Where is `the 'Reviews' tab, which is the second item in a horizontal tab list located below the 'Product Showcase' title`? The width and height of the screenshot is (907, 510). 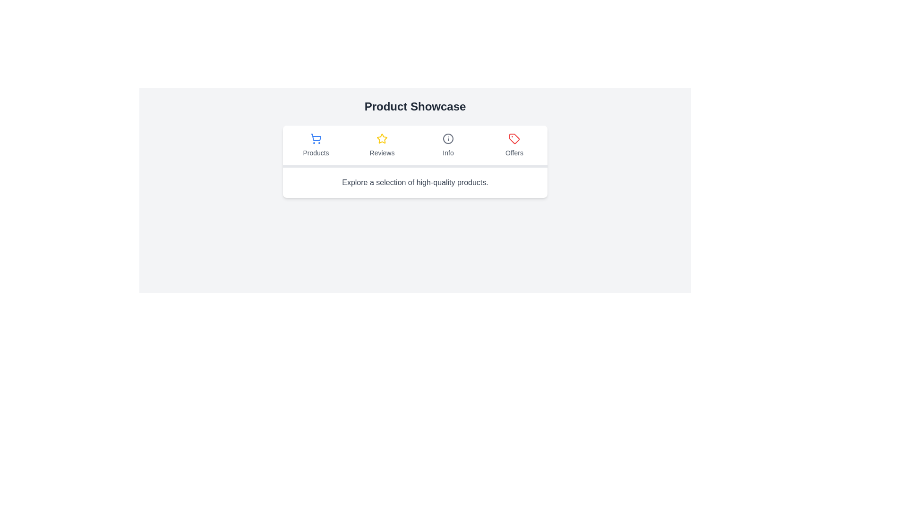 the 'Reviews' tab, which is the second item in a horizontal tab list located below the 'Product Showcase' title is located at coordinates (382, 146).